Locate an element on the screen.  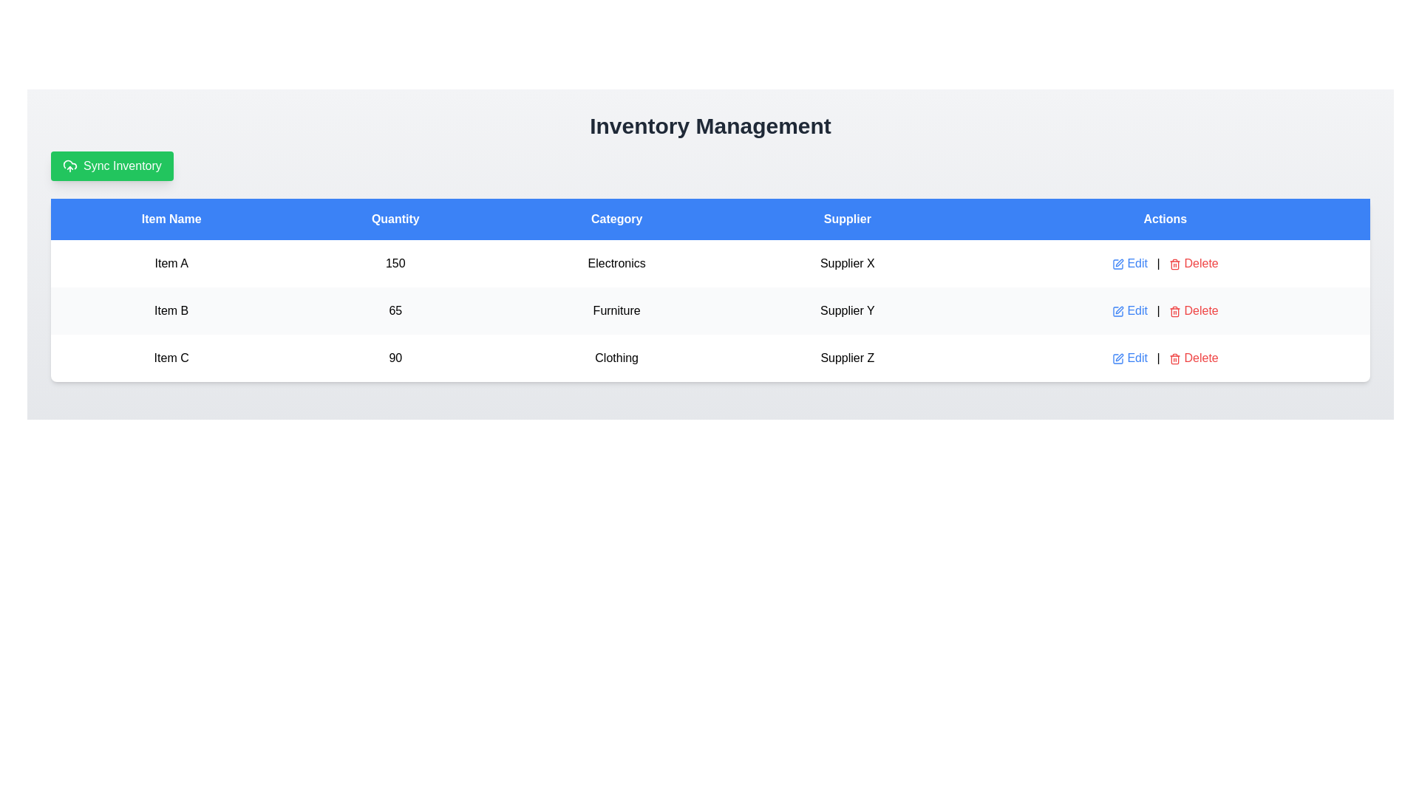
the delete icon located in the 'Actions' column of the second row in the table to initiate a delete action dialog is located at coordinates (1174, 310).